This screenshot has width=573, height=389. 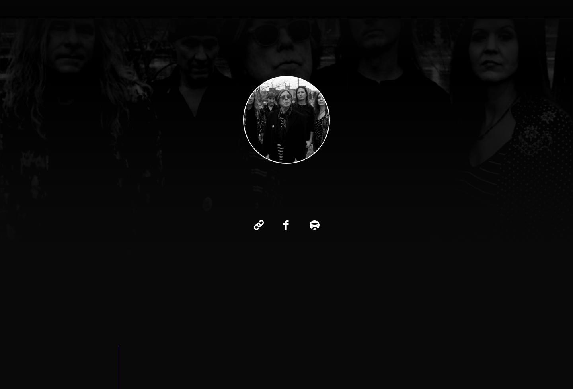 What do you see at coordinates (311, 41) in the screenshot?
I see `'Flamin' Oh's'` at bounding box center [311, 41].